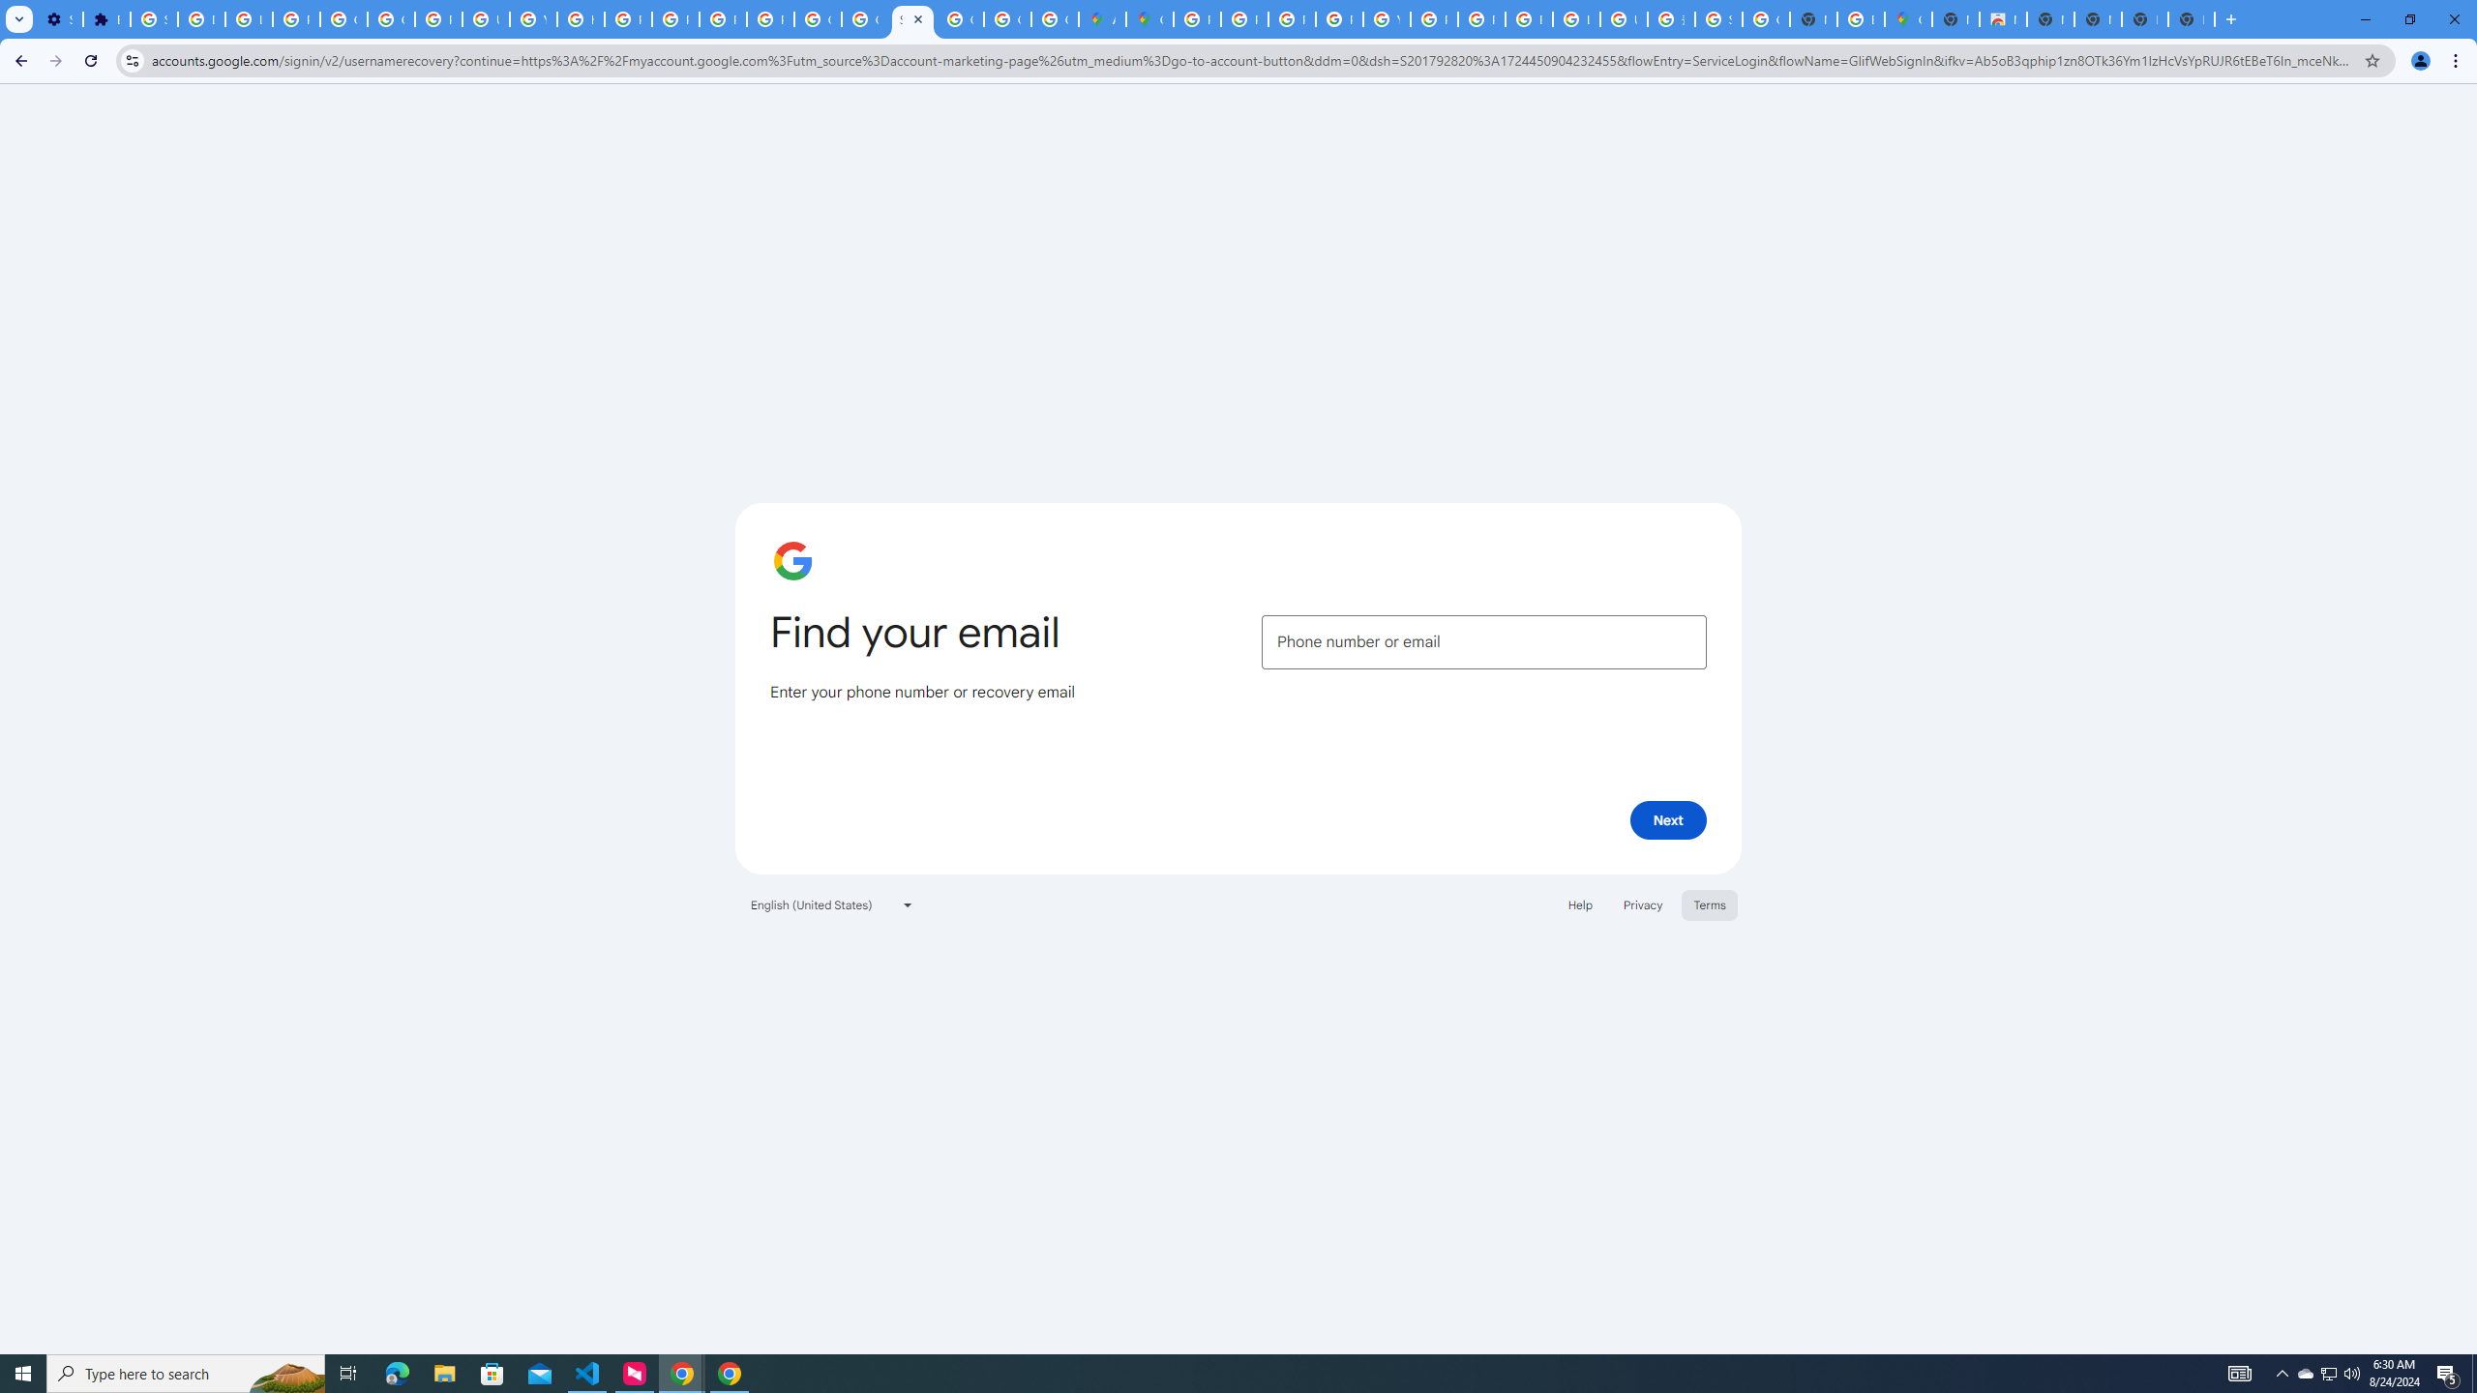 The width and height of the screenshot is (2477, 1393). Describe the element at coordinates (343, 18) in the screenshot. I see `'Google Account Help'` at that location.